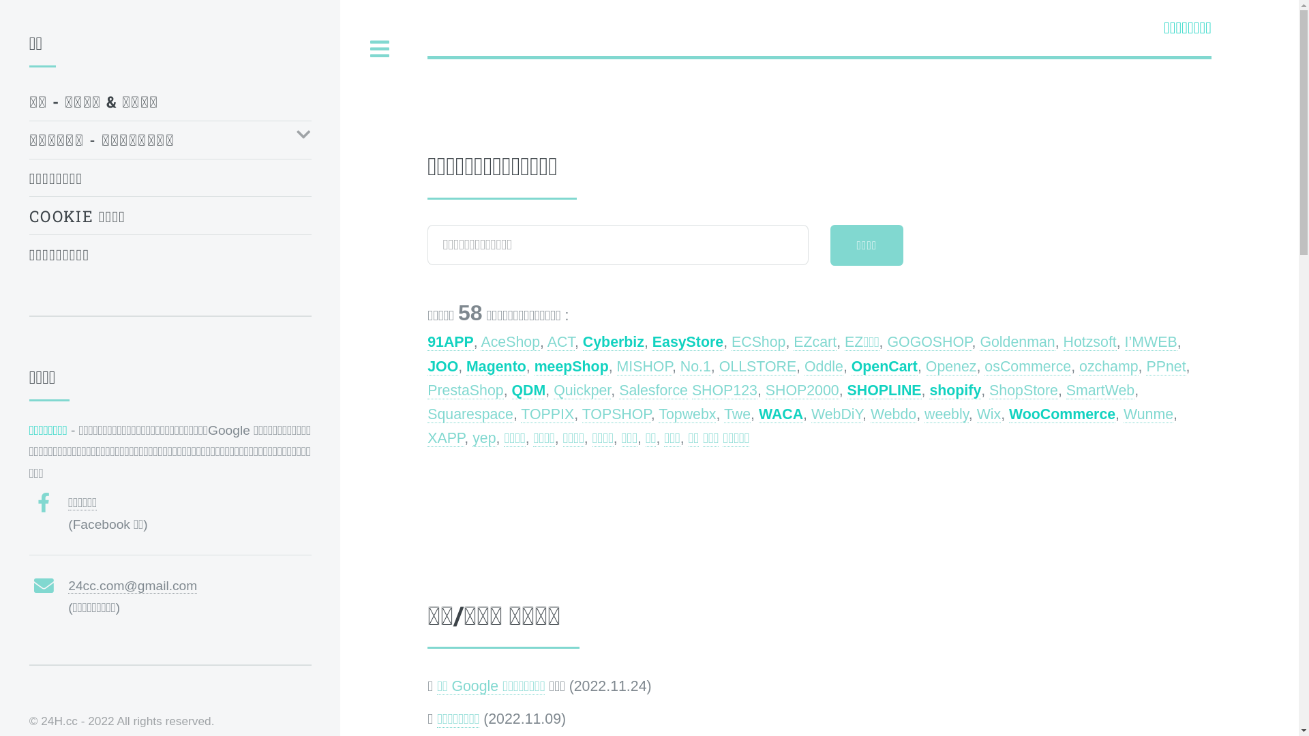 The image size is (1309, 736). Describe the element at coordinates (687, 341) in the screenshot. I see `'EasyStore'` at that location.